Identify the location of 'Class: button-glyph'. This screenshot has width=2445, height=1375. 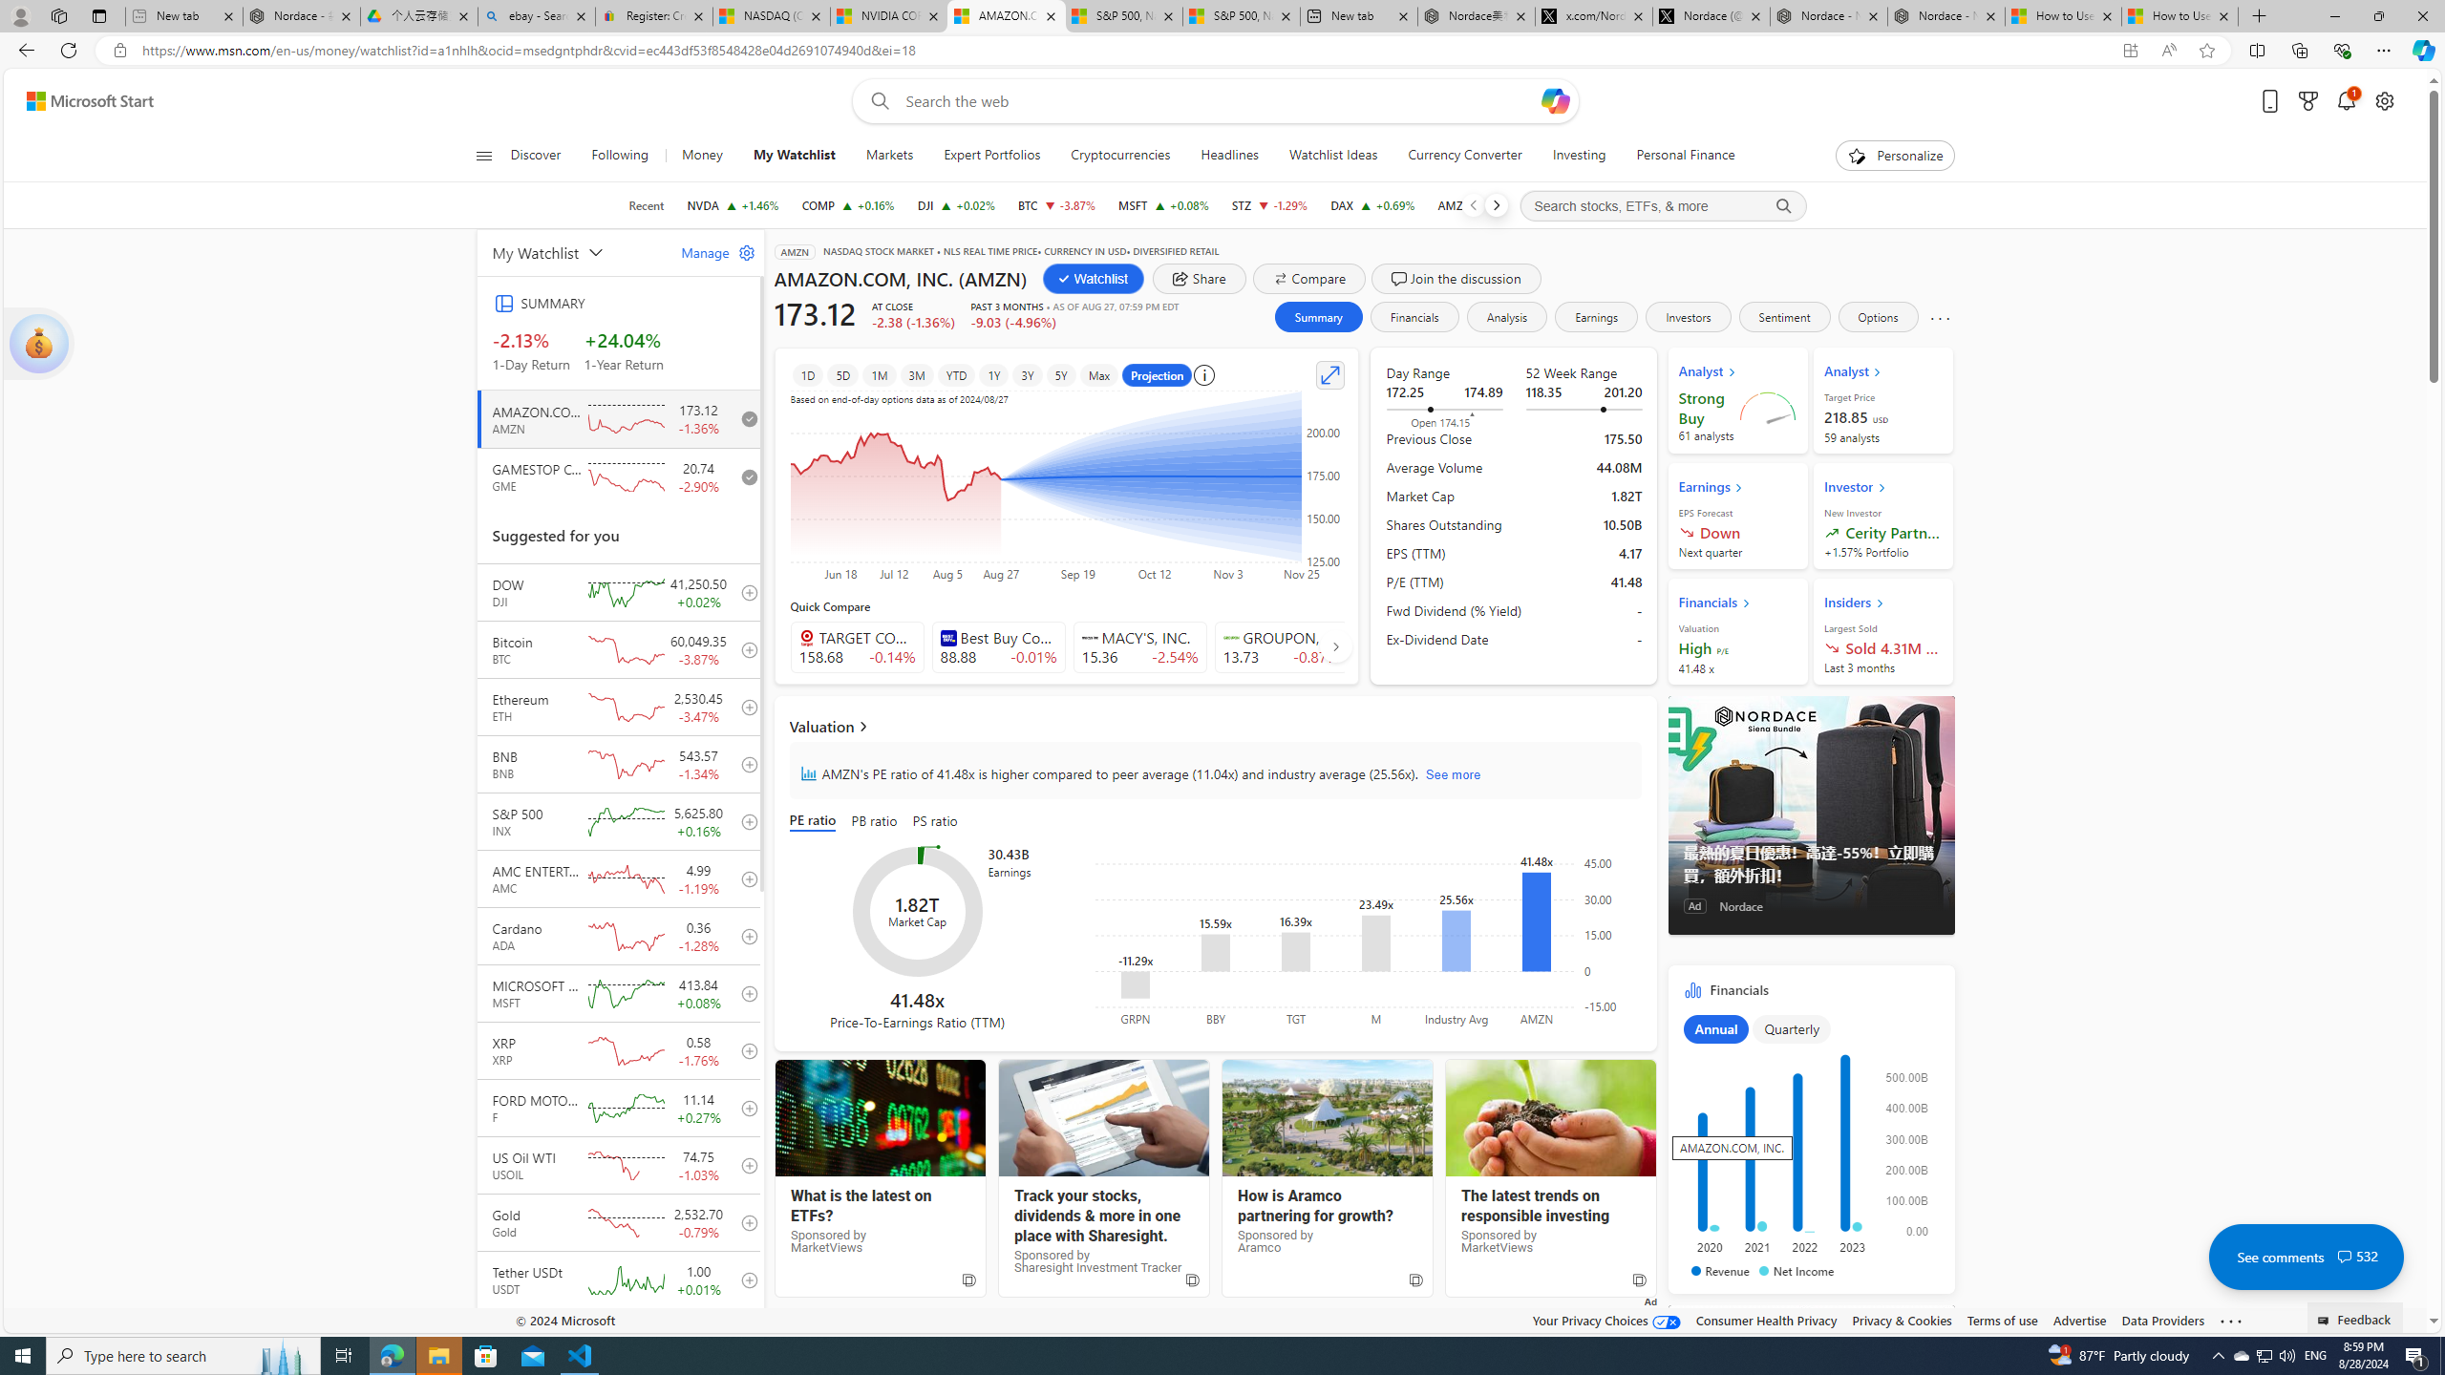
(482, 155).